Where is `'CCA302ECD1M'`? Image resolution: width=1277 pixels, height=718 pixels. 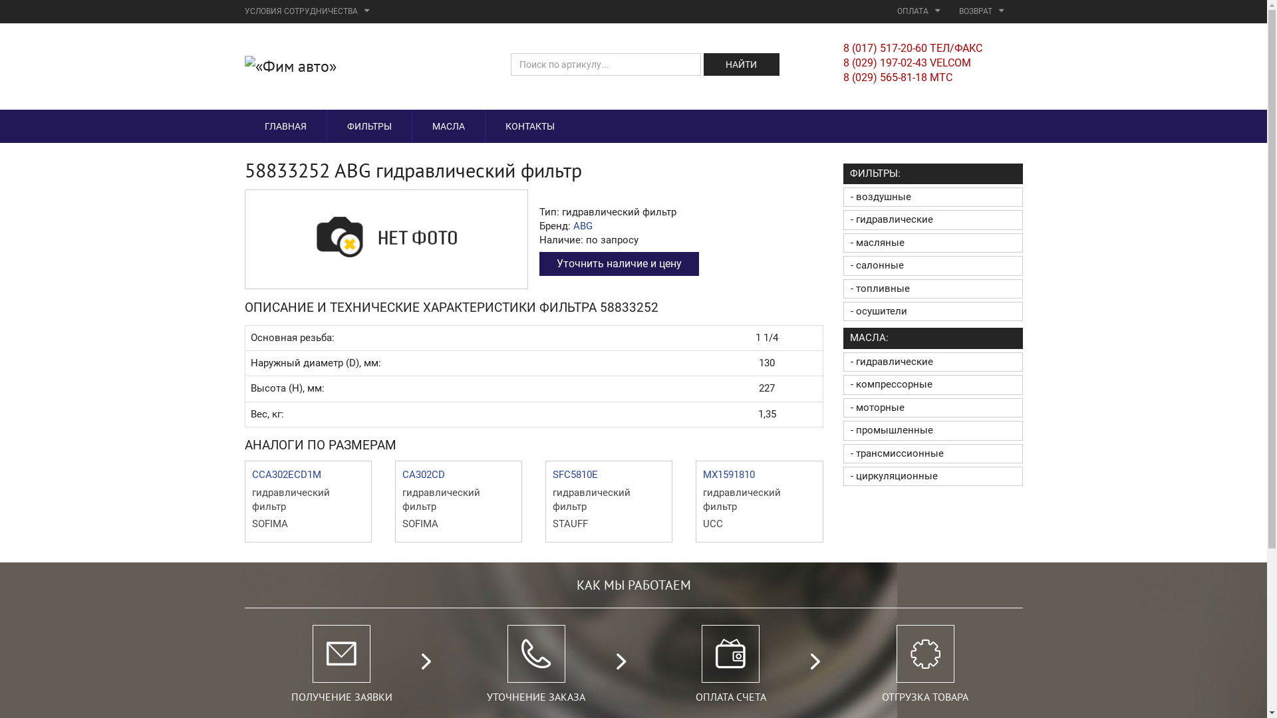 'CCA302ECD1M' is located at coordinates (285, 473).